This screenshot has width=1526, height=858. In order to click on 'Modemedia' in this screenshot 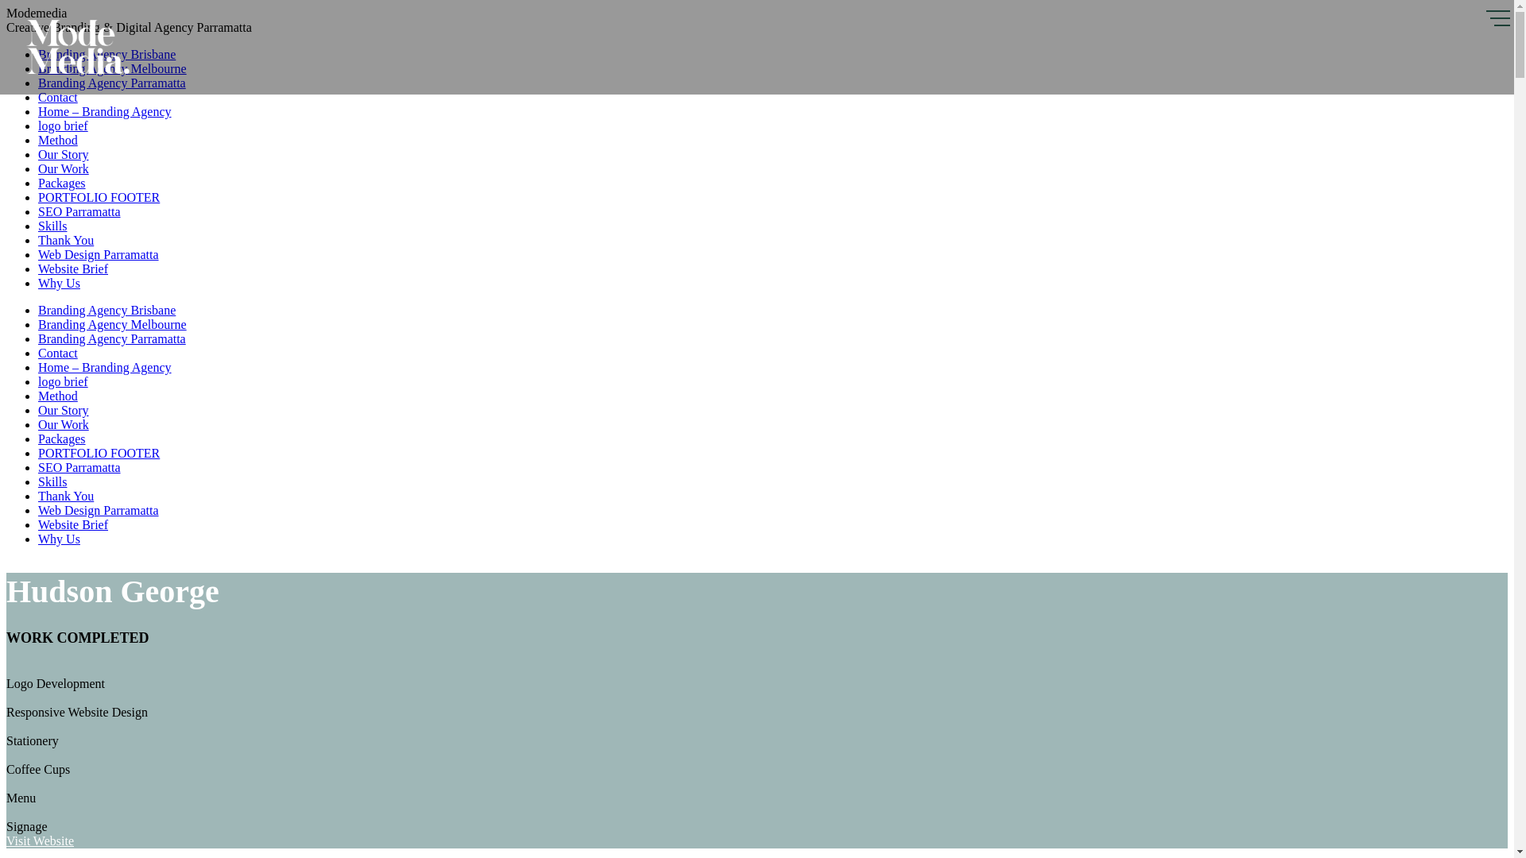, I will do `click(76, 70)`.